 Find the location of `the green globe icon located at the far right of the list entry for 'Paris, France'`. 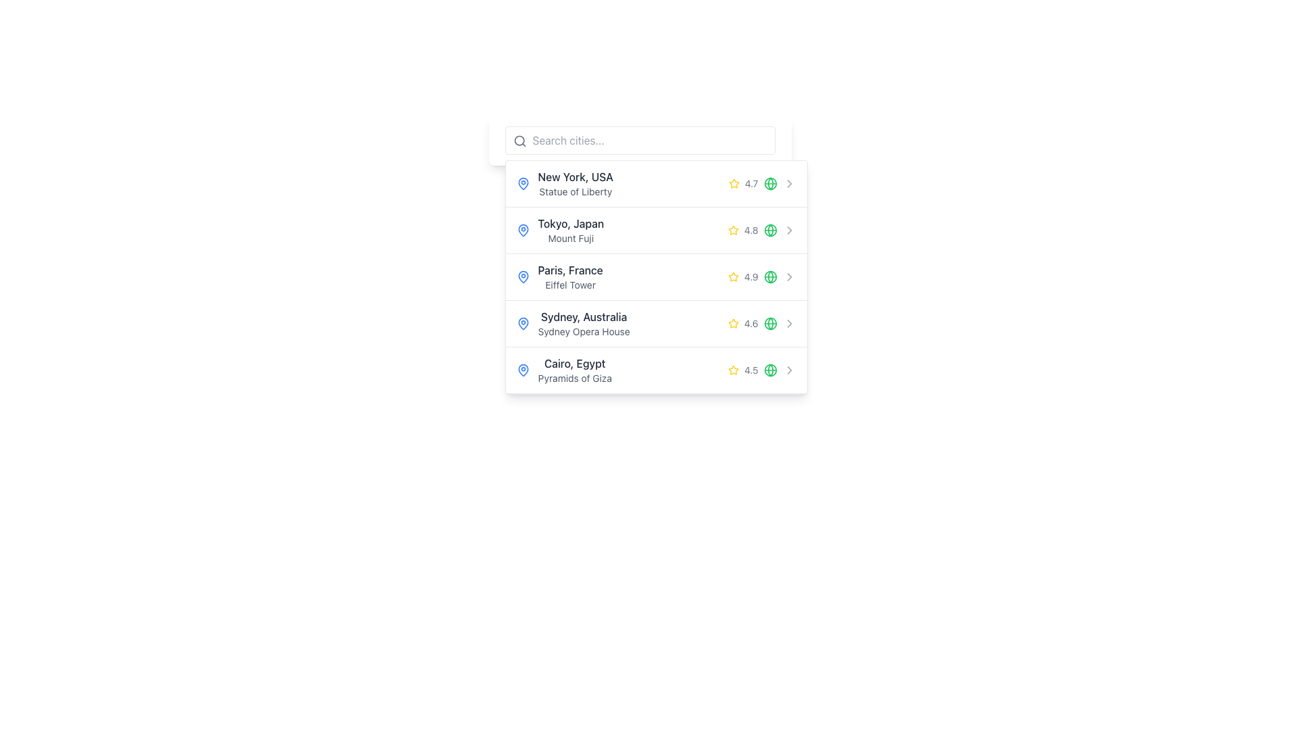

the green globe icon located at the far right of the list entry for 'Paris, France' is located at coordinates (770, 276).